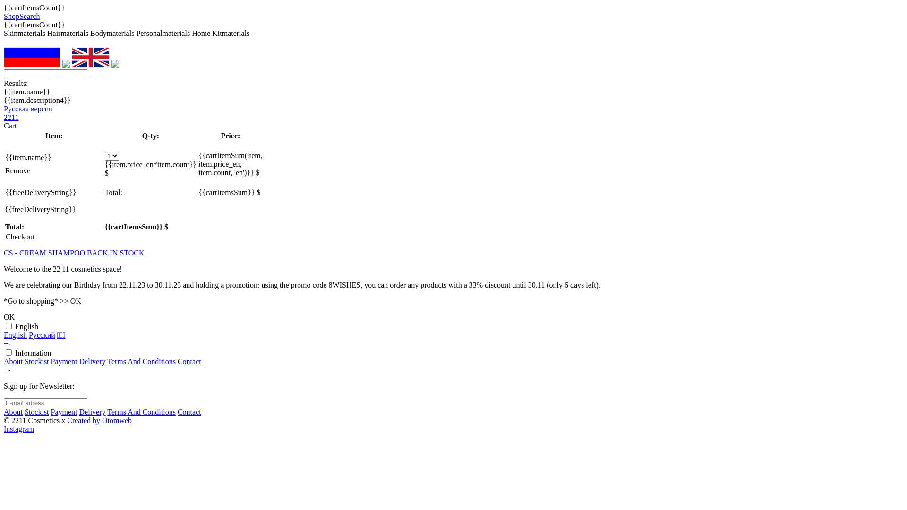 The image size is (907, 510). I want to click on '2211', so click(11, 117).